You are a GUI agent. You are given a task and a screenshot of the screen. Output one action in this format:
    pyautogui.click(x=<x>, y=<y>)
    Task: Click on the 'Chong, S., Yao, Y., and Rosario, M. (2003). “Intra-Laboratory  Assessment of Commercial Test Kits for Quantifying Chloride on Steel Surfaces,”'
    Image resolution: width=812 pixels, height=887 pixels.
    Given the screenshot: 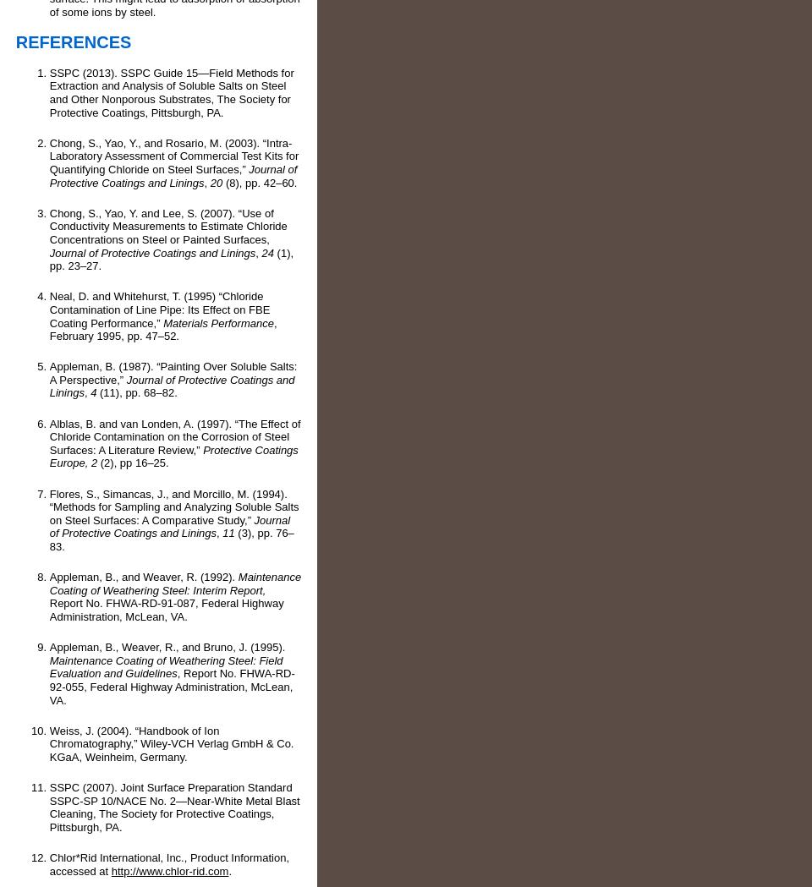 What is the action you would take?
    pyautogui.click(x=173, y=154)
    